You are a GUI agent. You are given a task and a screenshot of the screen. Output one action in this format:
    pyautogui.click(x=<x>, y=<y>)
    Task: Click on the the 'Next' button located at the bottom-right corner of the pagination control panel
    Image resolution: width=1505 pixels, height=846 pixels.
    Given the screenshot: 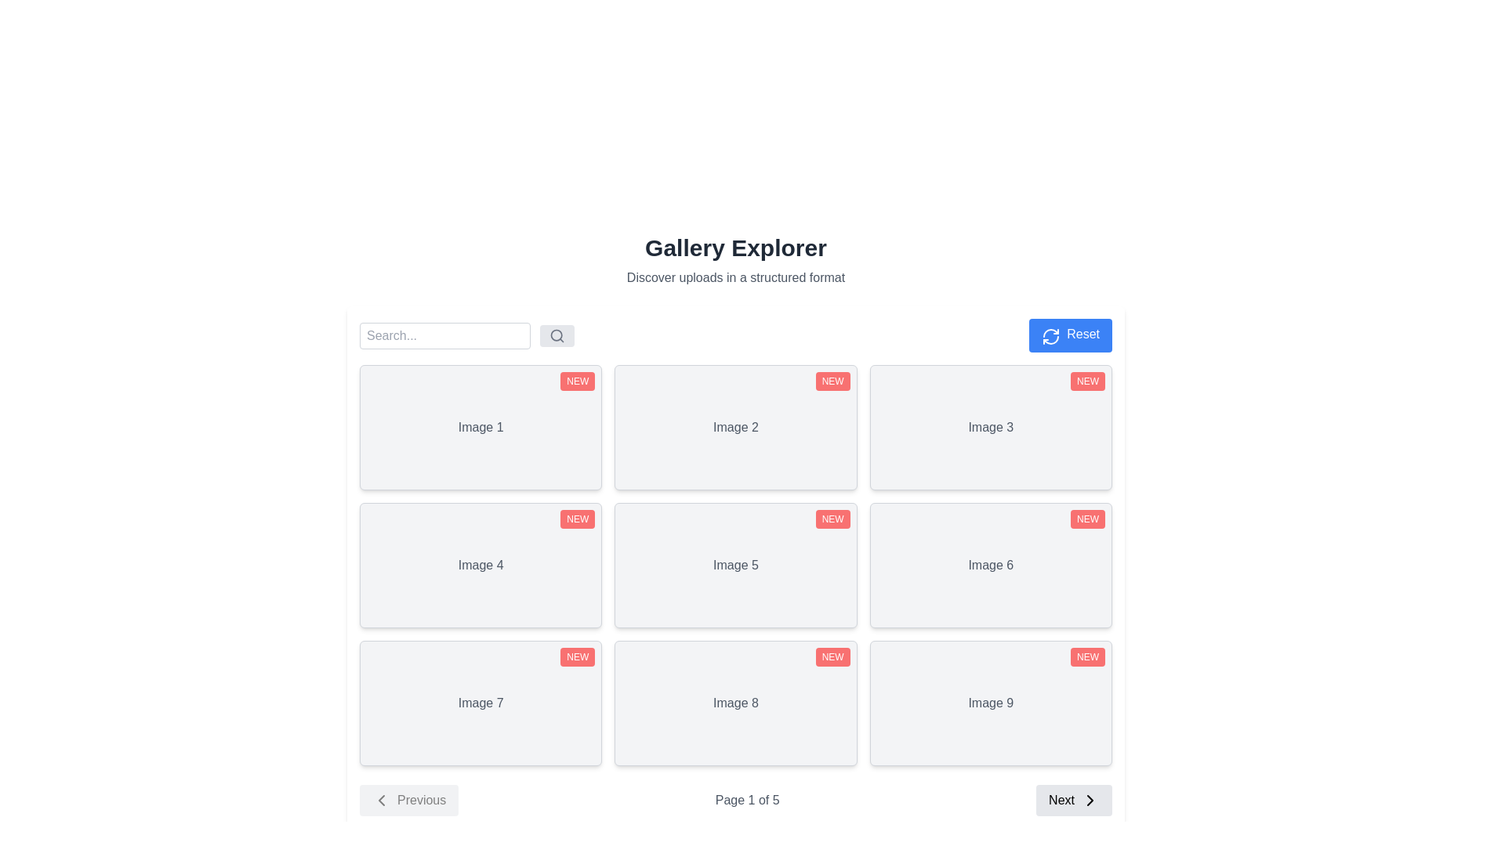 What is the action you would take?
    pyautogui.click(x=1072, y=801)
    